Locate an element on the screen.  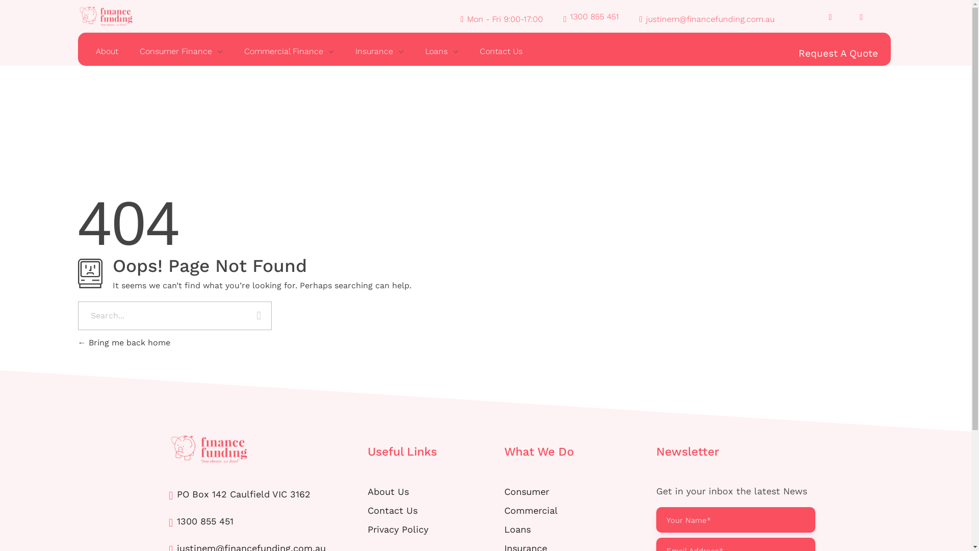
'Consumer' is located at coordinates (526, 491).